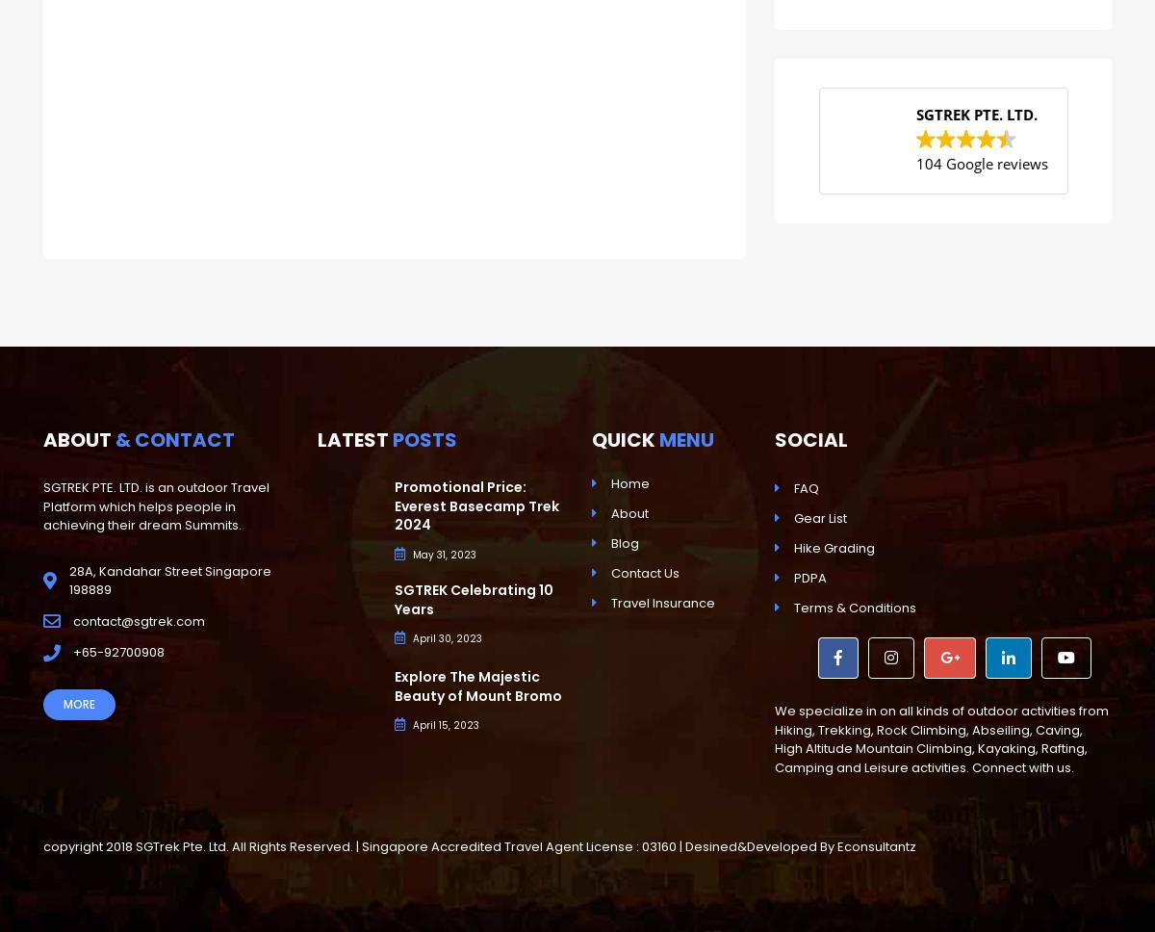  I want to click on 'Terms & Conditions', so click(854, 607).